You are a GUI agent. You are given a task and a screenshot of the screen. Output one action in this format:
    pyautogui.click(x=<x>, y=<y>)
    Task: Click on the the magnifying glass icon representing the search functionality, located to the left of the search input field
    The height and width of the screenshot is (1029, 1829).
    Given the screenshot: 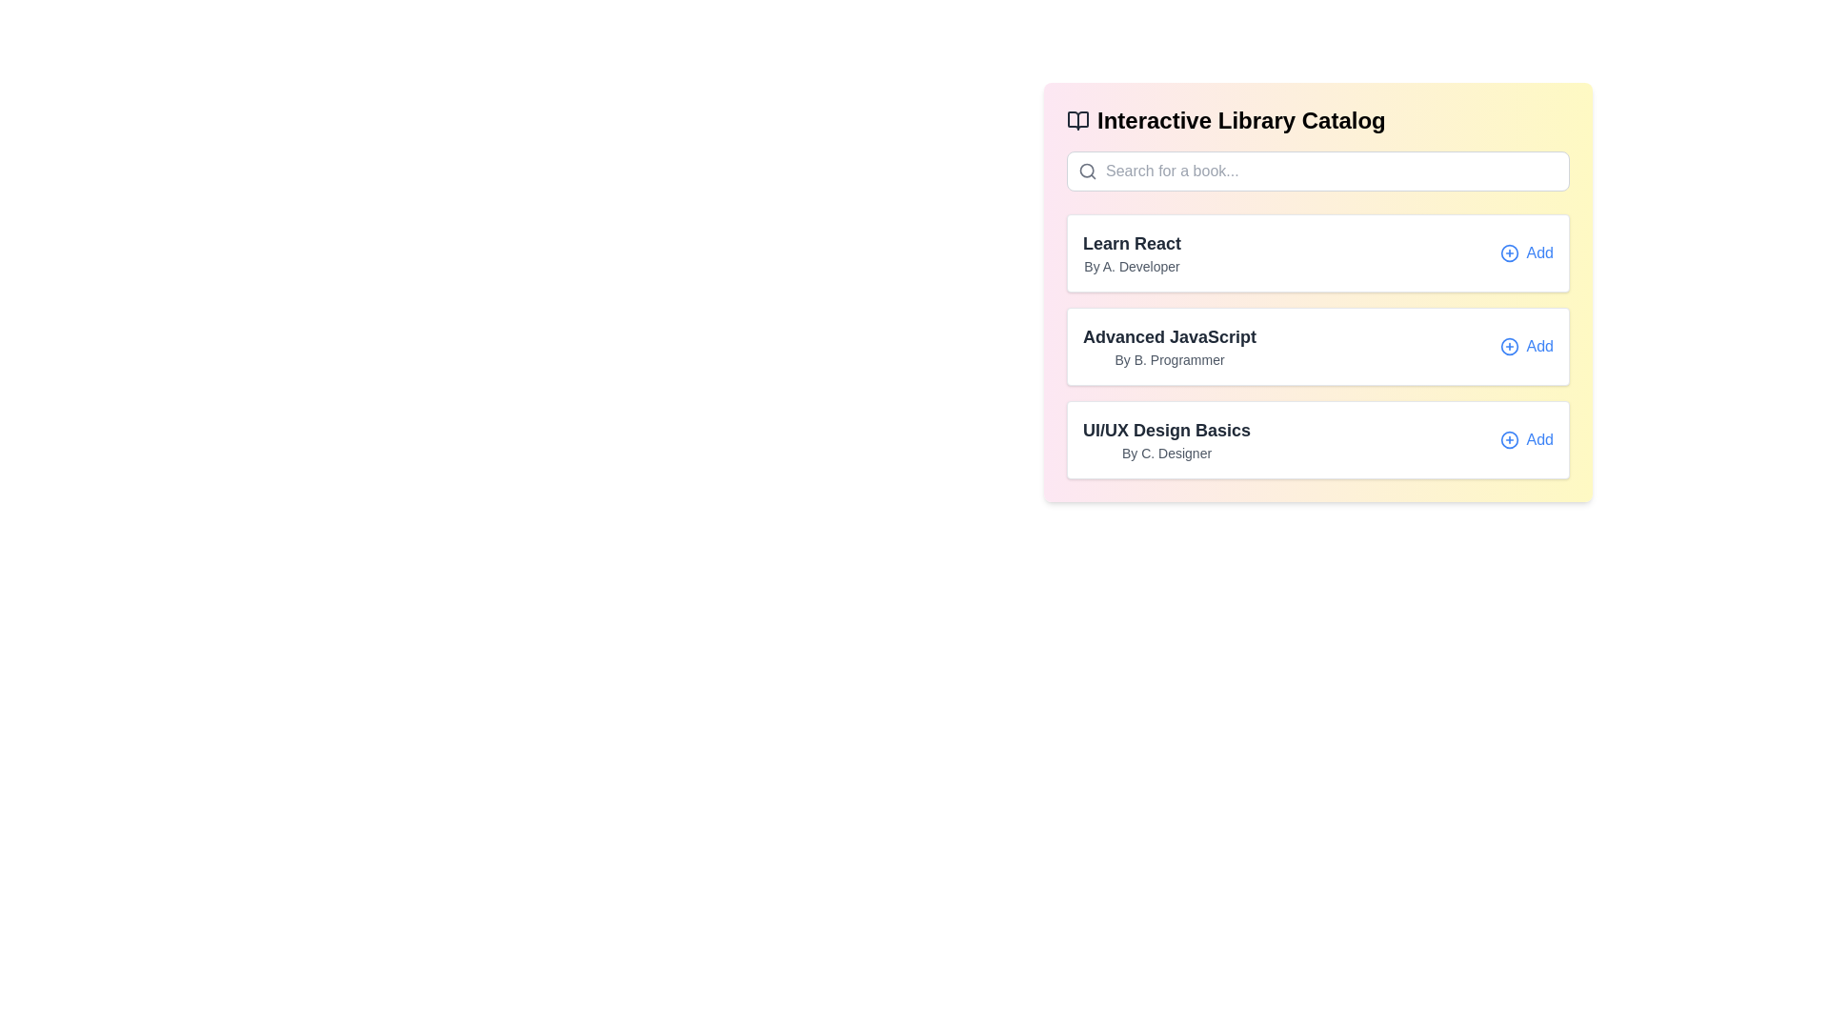 What is the action you would take?
    pyautogui.click(x=1088, y=171)
    